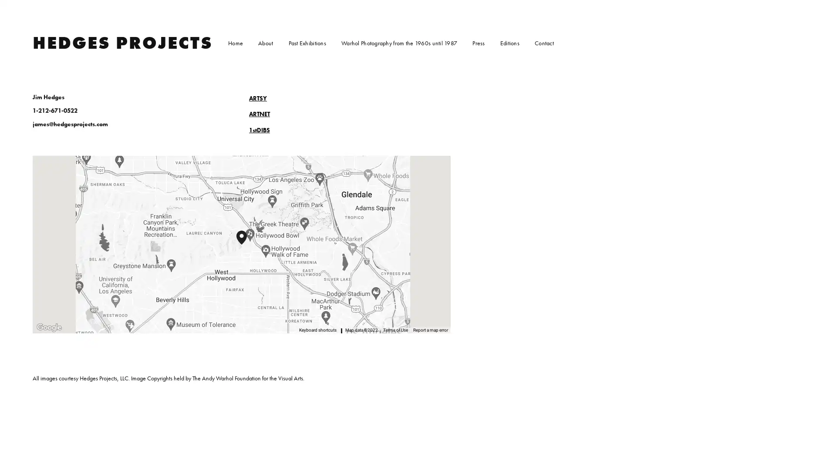 Image resolution: width=836 pixels, height=470 pixels. Describe the element at coordinates (321, 330) in the screenshot. I see `Keyboard shortcuts` at that location.